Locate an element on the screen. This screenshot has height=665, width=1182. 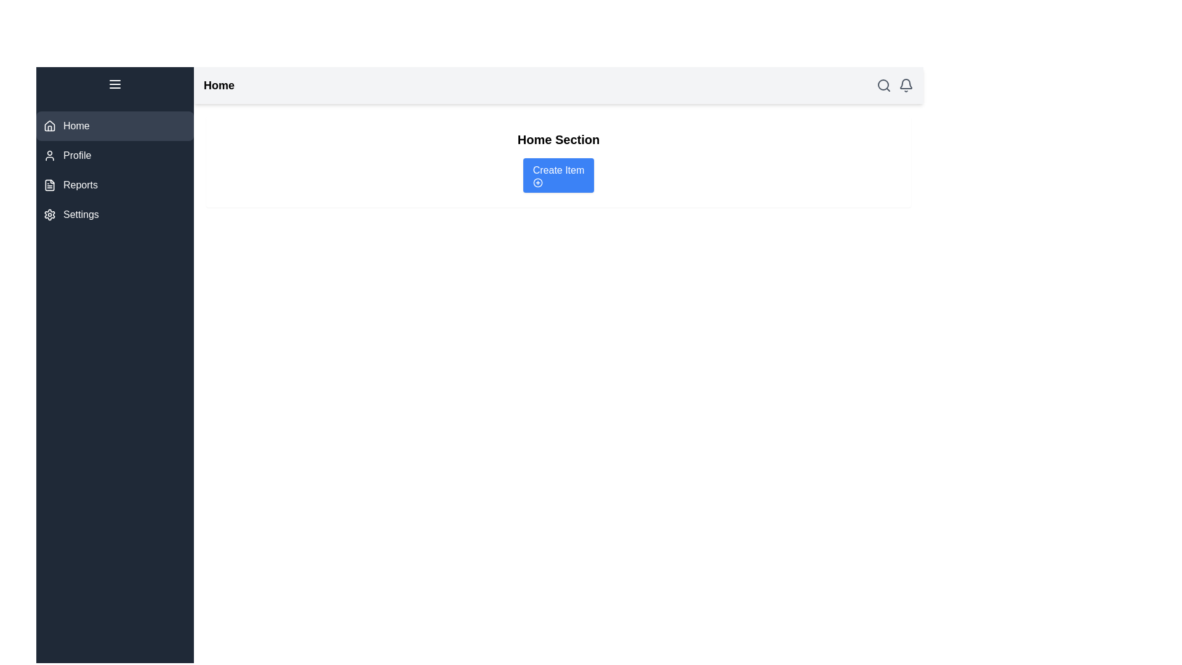
the toggle icon button located in the top-left section of the sidebar interface, which allows users is located at coordinates (115, 84).